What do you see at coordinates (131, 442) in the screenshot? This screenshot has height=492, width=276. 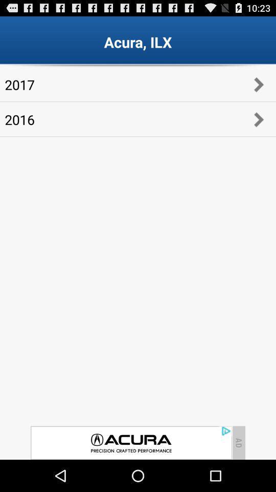 I see `advertisement` at bounding box center [131, 442].